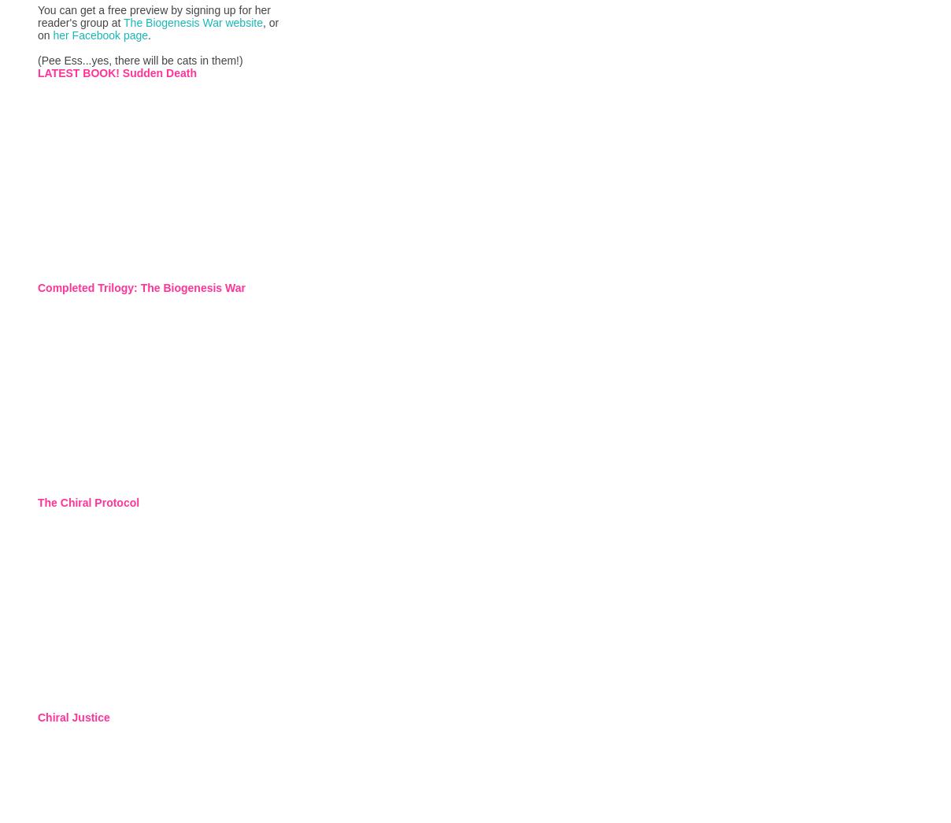 Image resolution: width=951 pixels, height=823 pixels. Describe the element at coordinates (116, 72) in the screenshot. I see `'LATEST BOOK! Sudden Death'` at that location.